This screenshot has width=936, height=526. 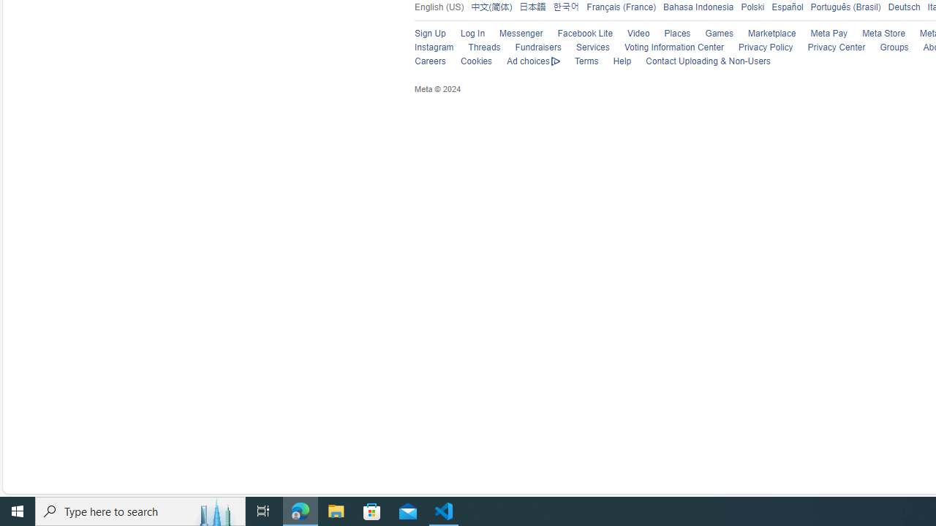 What do you see at coordinates (429, 61) in the screenshot?
I see `'Careers'` at bounding box center [429, 61].